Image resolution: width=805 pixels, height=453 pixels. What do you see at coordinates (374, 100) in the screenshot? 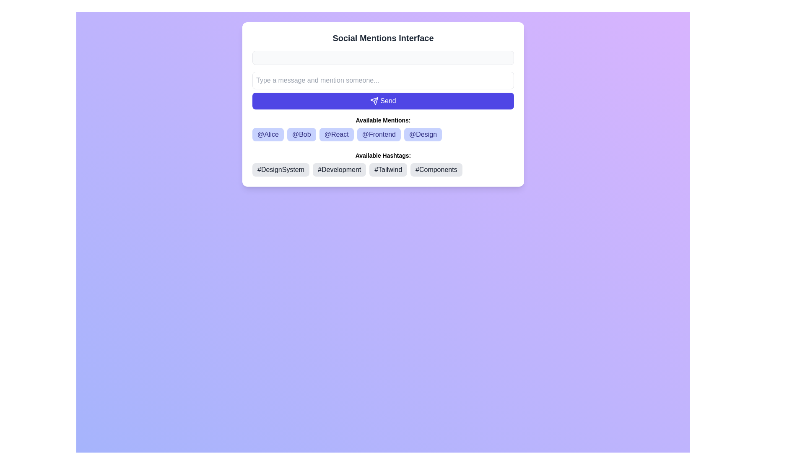
I see `the paper airplane icon located within the 'Send' button to initiate sending` at bounding box center [374, 100].